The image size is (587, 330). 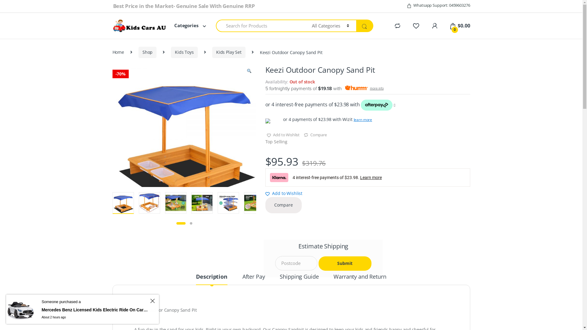 I want to click on 'Best Price in the Market- Genuine Sale With Genuine RRP', so click(x=183, y=6).